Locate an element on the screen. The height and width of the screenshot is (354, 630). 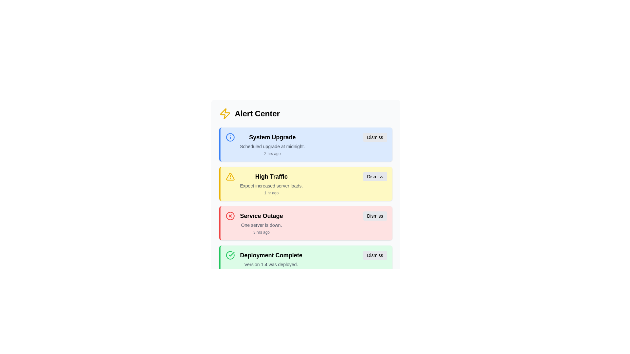
the warning message text in the second notification card of the 'Alert Center' to read it is located at coordinates (271, 184).